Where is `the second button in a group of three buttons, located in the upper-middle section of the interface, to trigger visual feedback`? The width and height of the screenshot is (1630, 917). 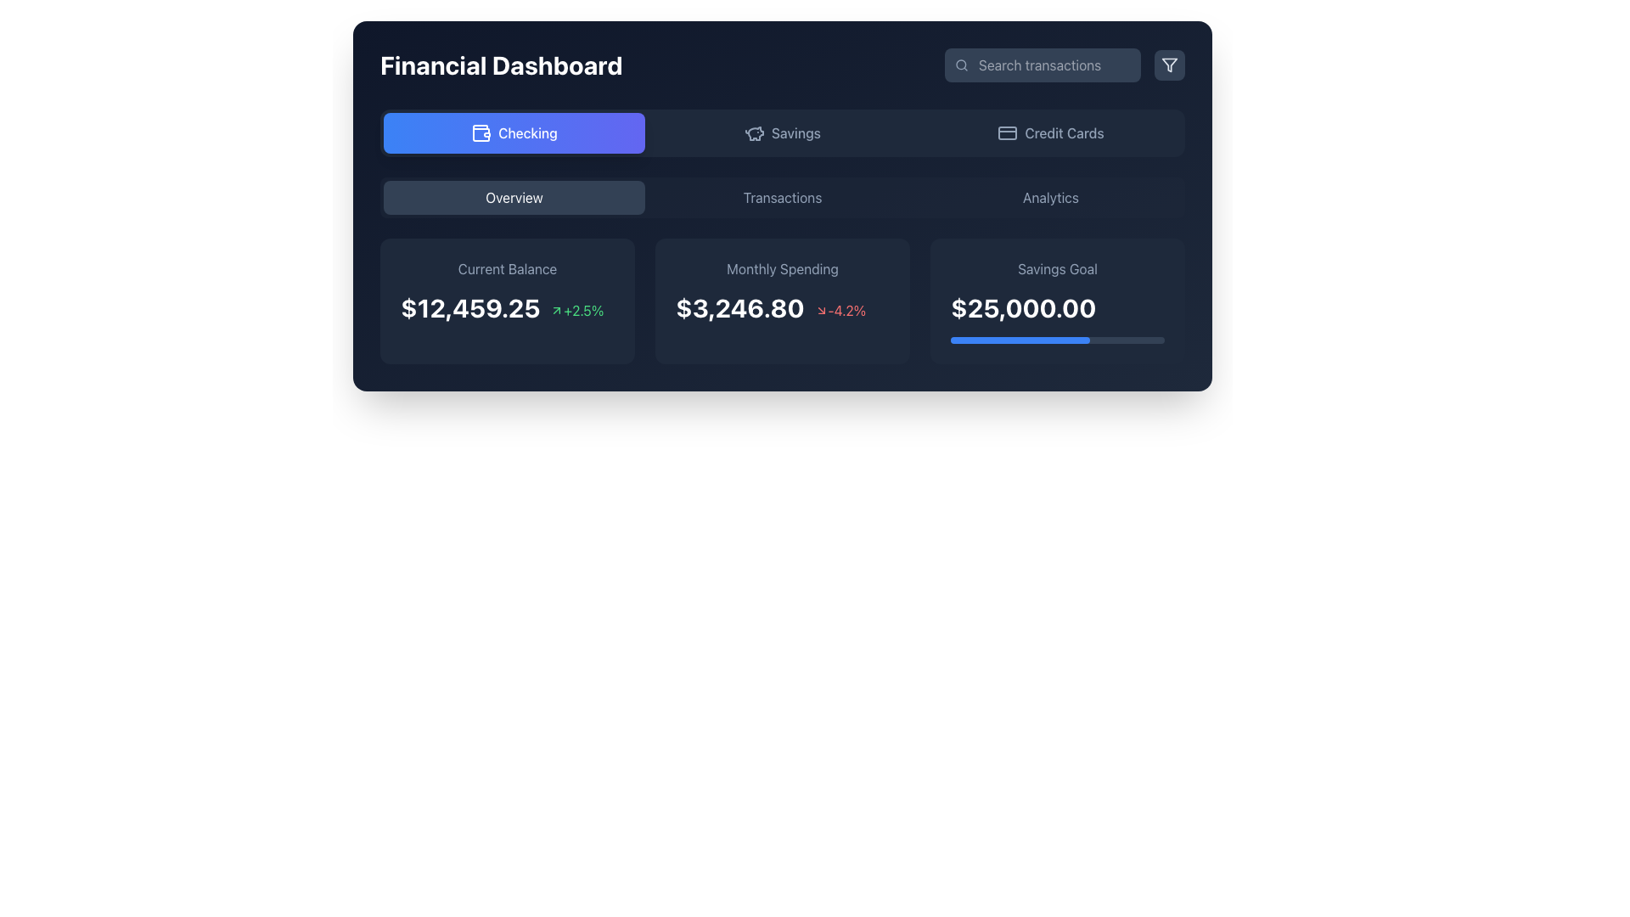 the second button in a group of three buttons, located in the upper-middle section of the interface, to trigger visual feedback is located at coordinates (781, 132).